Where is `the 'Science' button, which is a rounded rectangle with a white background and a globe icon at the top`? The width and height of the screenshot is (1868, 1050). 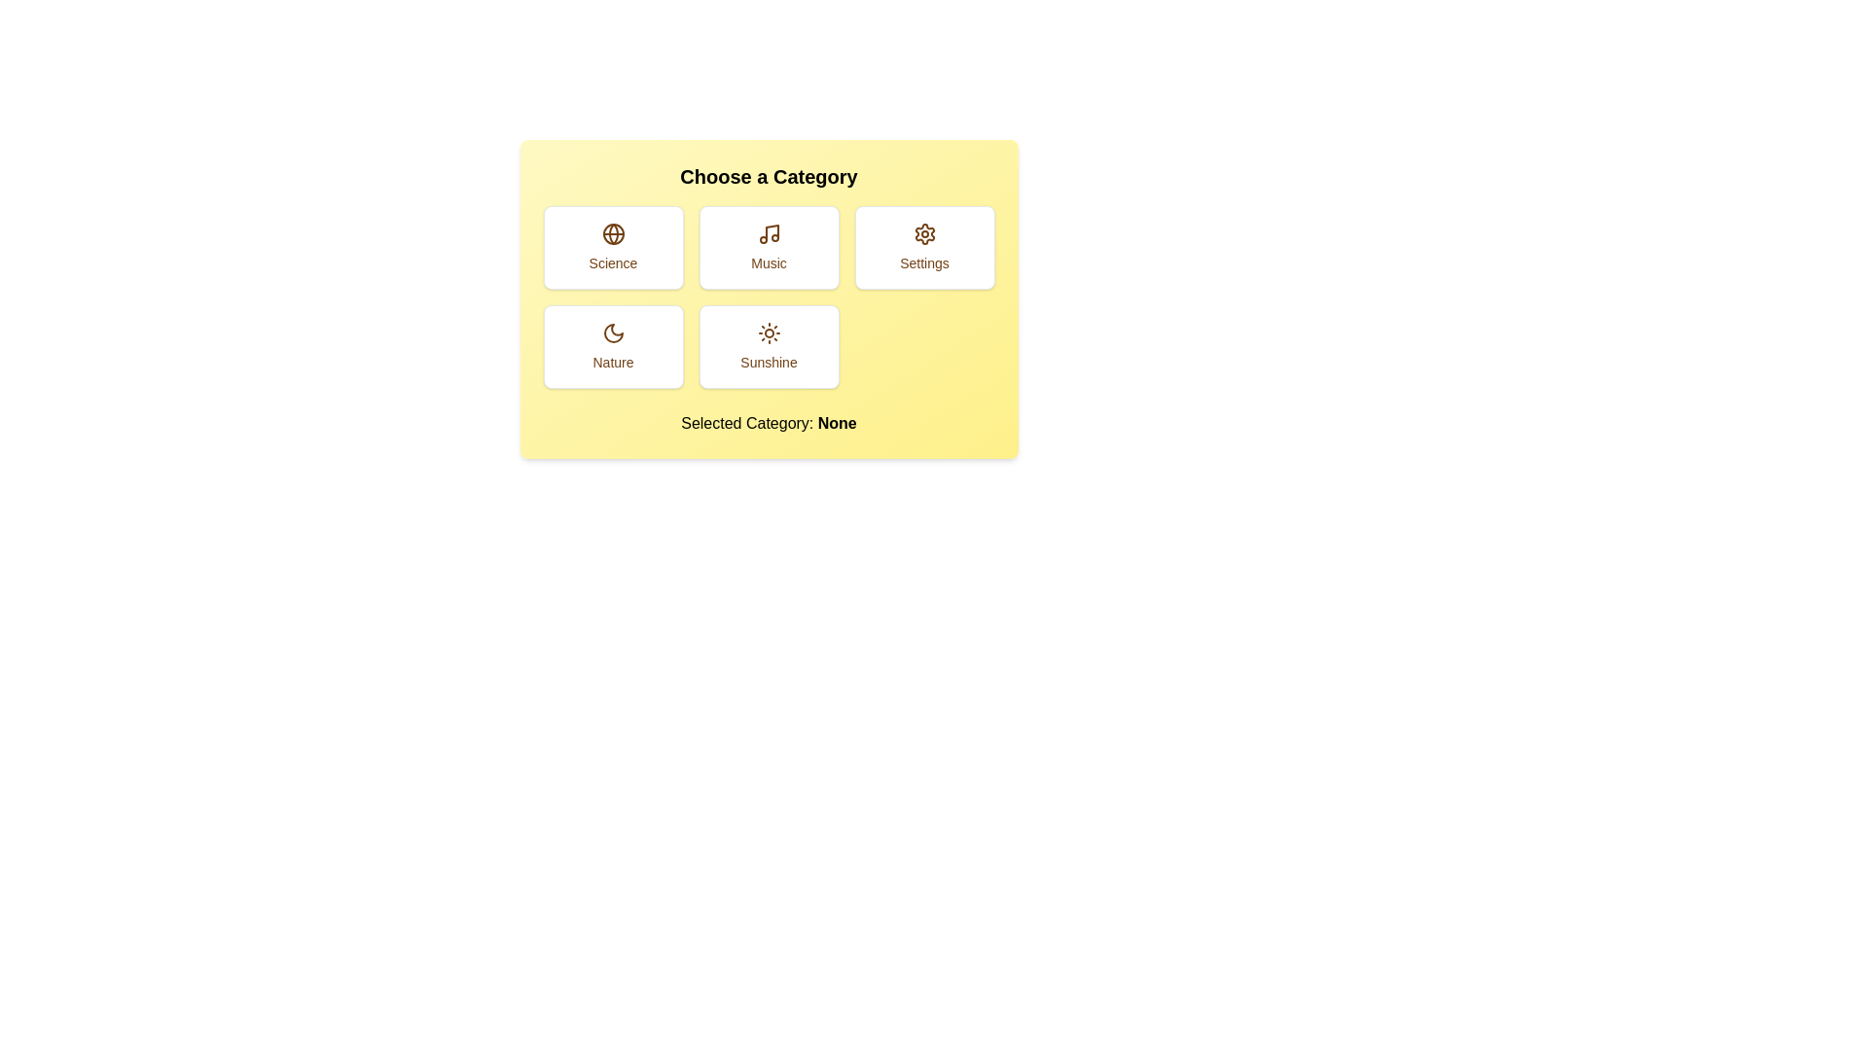
the 'Science' button, which is a rounded rectangle with a white background and a globe icon at the top is located at coordinates (612, 246).